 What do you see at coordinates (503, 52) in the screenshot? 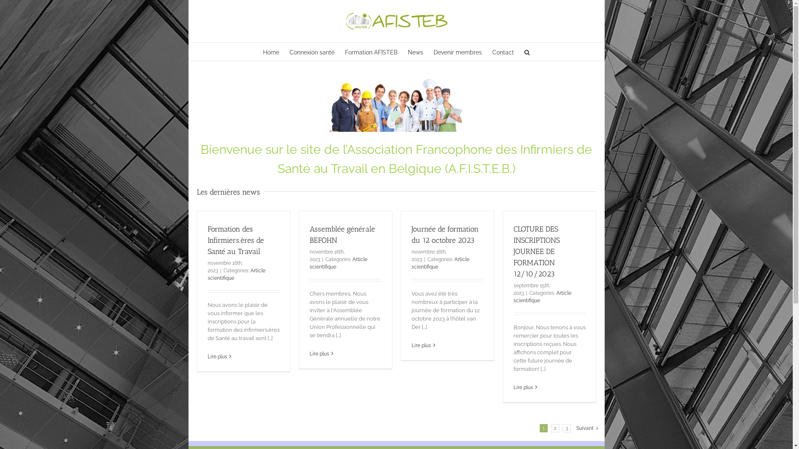
I see `'Contact'` at bounding box center [503, 52].